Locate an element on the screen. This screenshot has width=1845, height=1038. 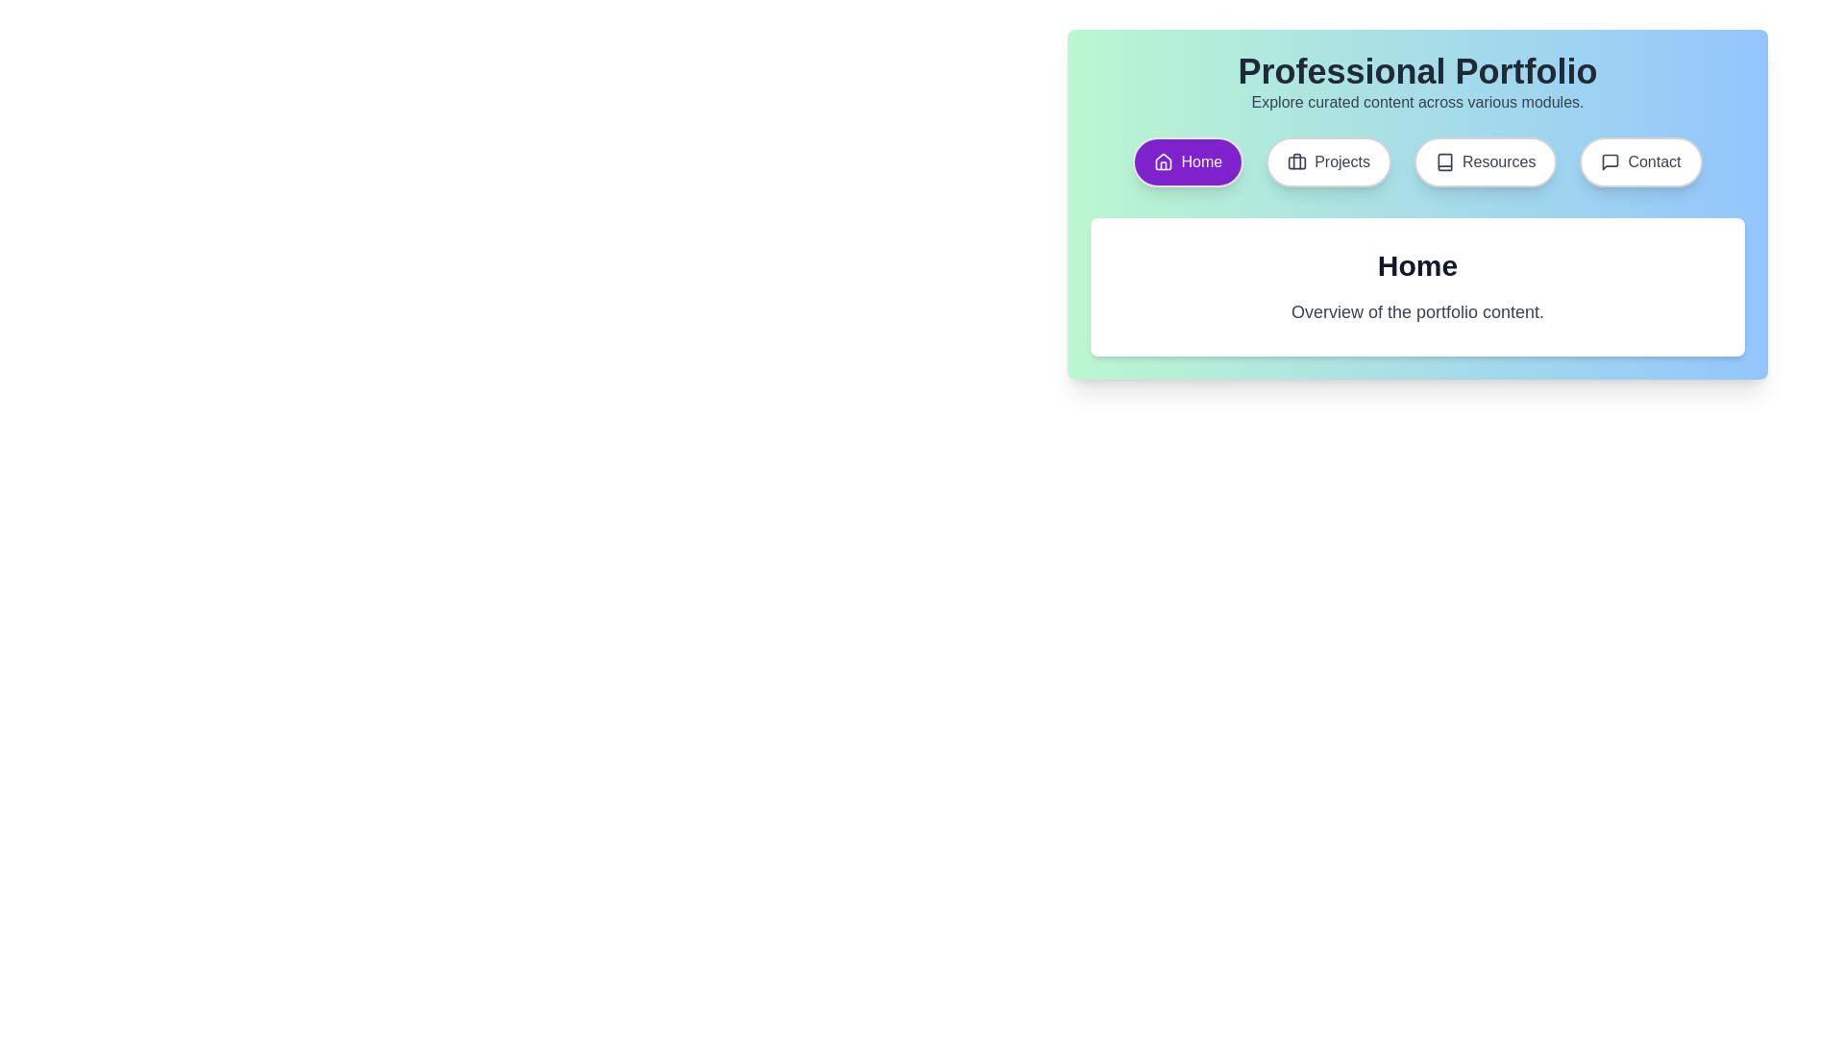
the Home tab to view its content is located at coordinates (1187, 161).